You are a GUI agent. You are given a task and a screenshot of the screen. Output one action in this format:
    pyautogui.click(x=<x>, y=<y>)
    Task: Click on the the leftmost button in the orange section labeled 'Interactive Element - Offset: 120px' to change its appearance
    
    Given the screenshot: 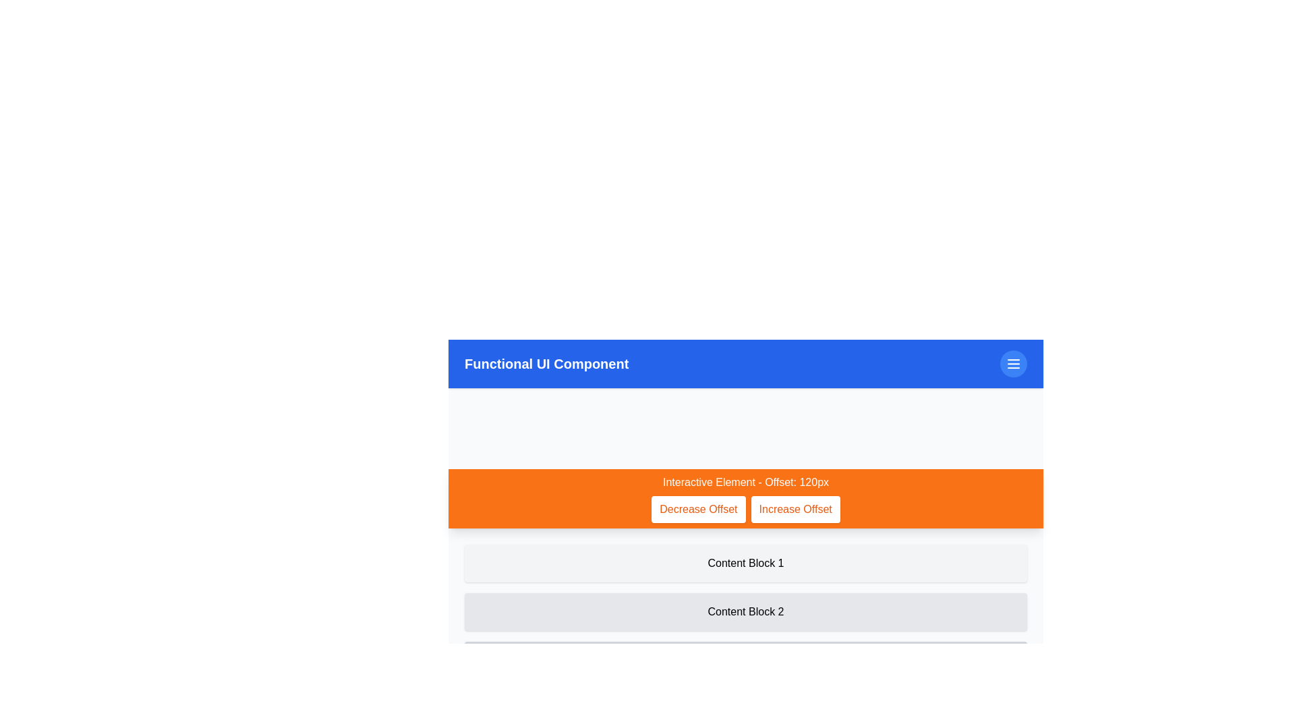 What is the action you would take?
    pyautogui.click(x=698, y=510)
    